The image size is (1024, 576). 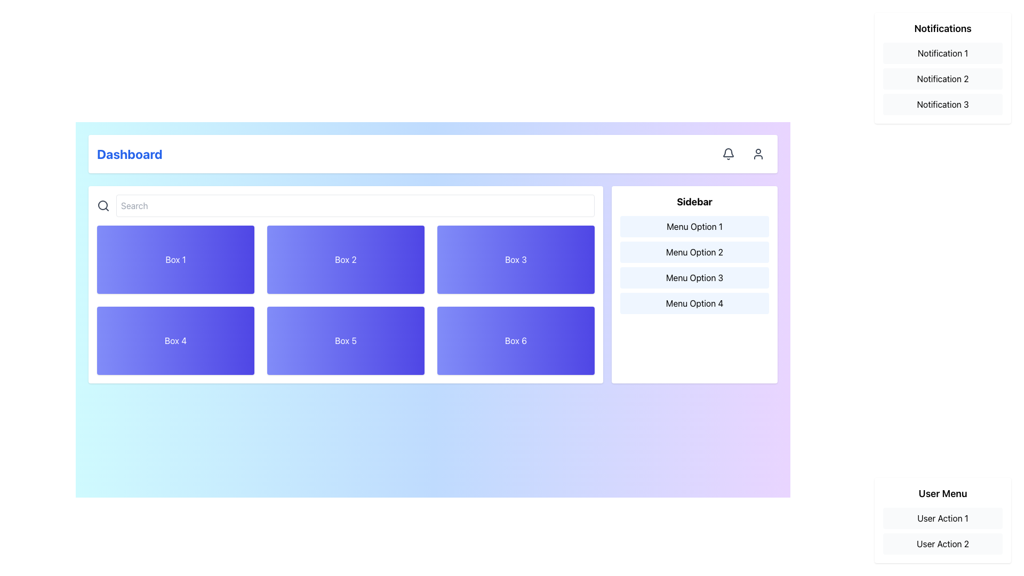 What do you see at coordinates (942, 53) in the screenshot?
I see `the static notification item labeled 'Notification 1' at the top of the notification list` at bounding box center [942, 53].